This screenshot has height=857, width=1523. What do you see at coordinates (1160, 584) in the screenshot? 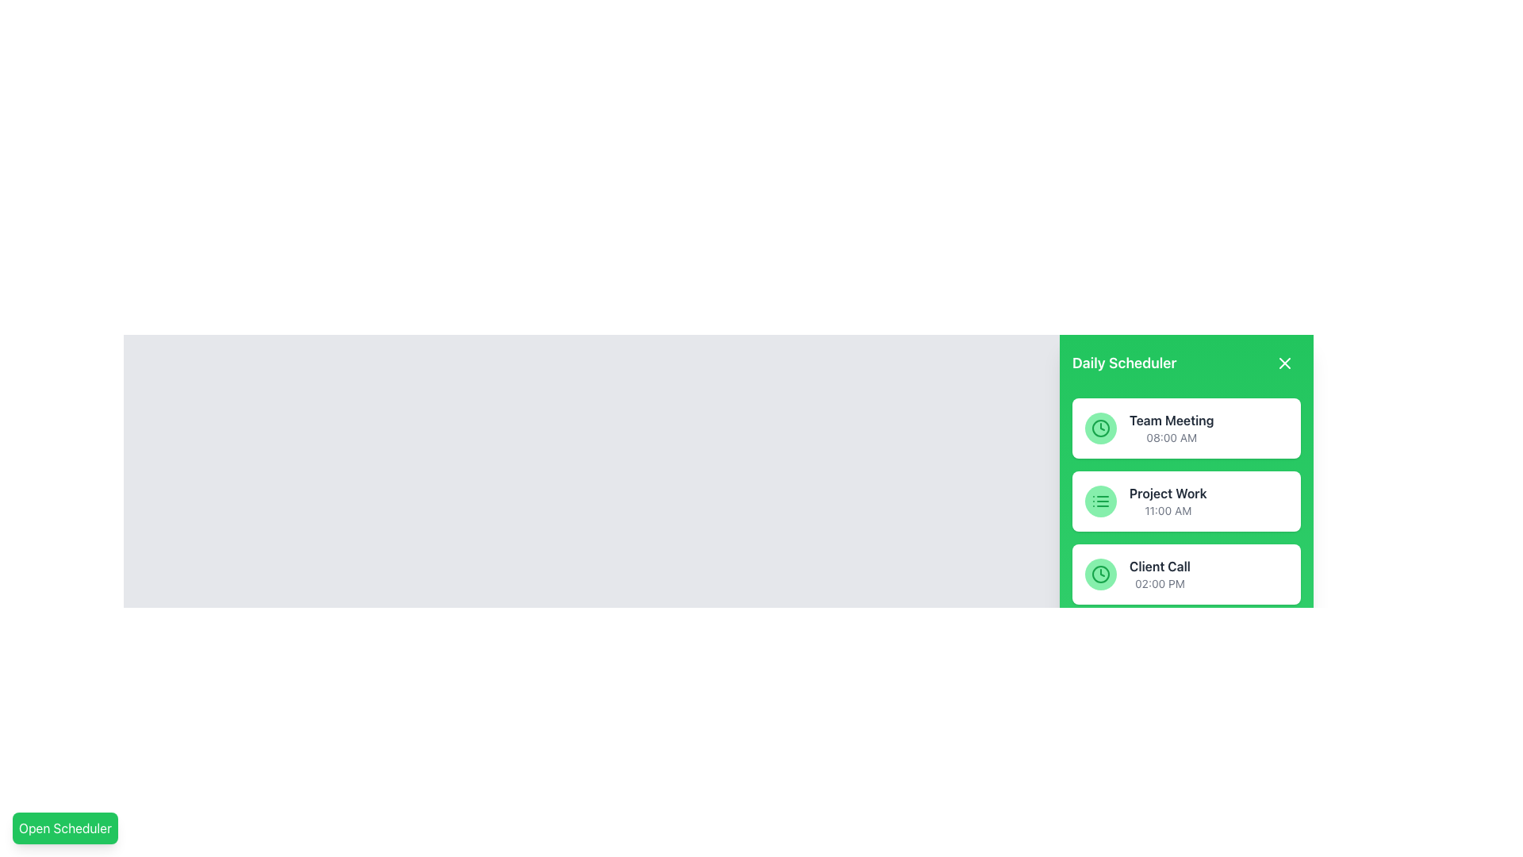
I see `the text label displaying the scheduled time for the 'Client Call' event located within the list of scheduled events on the right-hand side of the interface` at bounding box center [1160, 584].